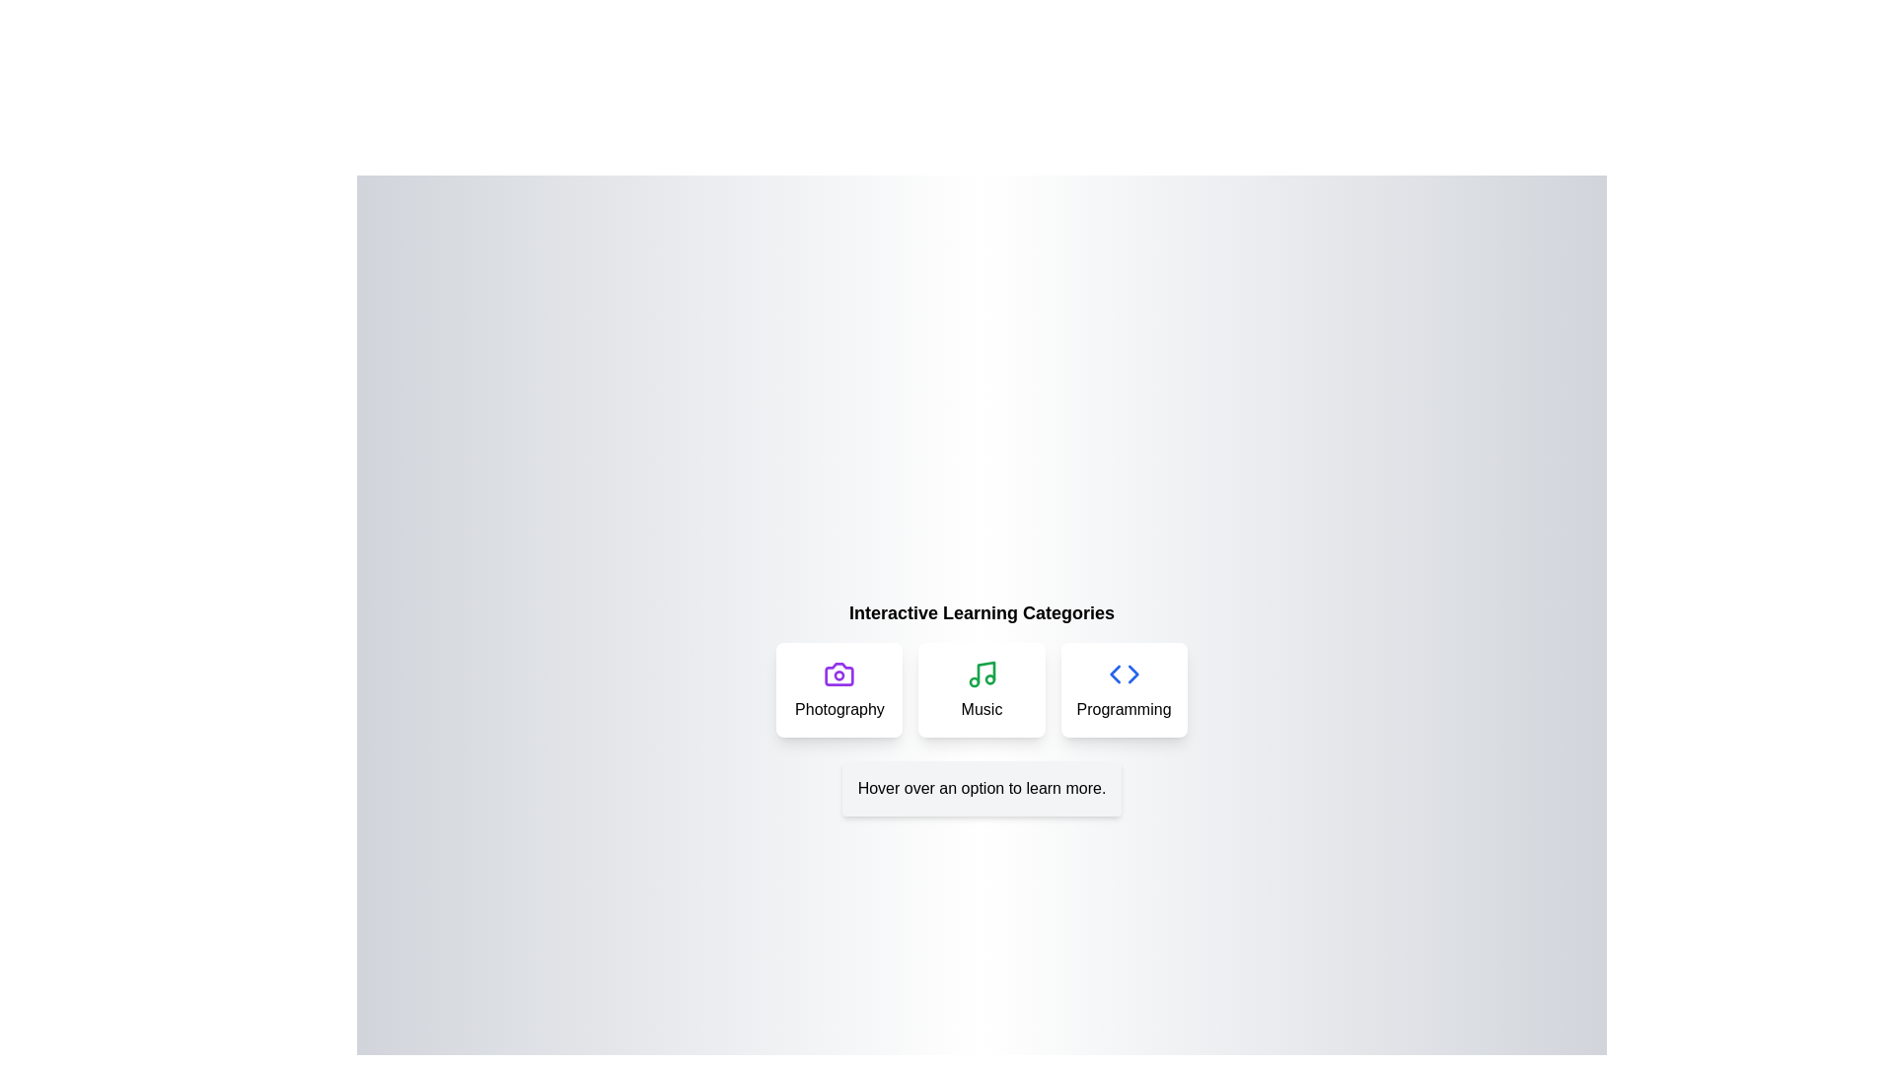 The height and width of the screenshot is (1065, 1894). Describe the element at coordinates (1124, 688) in the screenshot. I see `the rightmost card in the grid of three cards, which represents the 'Programming' category` at that location.